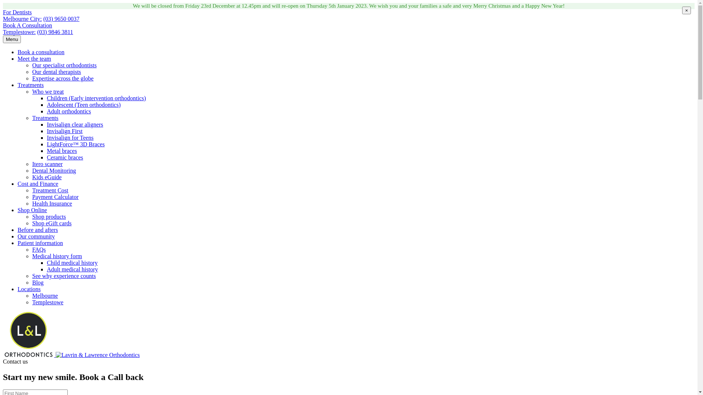  Describe the element at coordinates (31, 249) in the screenshot. I see `'FAQs'` at that location.